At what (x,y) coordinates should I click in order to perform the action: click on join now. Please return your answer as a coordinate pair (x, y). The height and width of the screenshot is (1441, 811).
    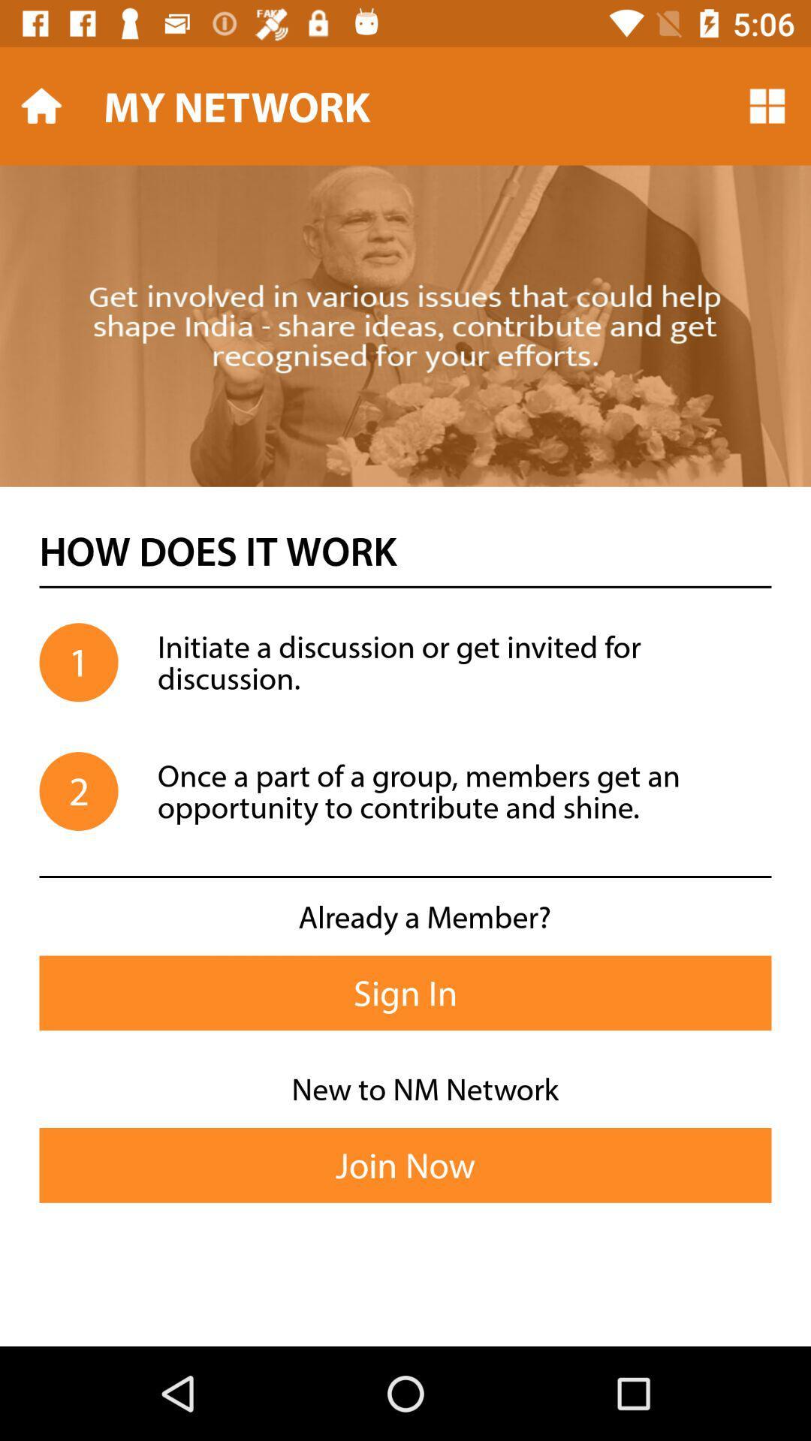
    Looking at the image, I should click on (405, 1164).